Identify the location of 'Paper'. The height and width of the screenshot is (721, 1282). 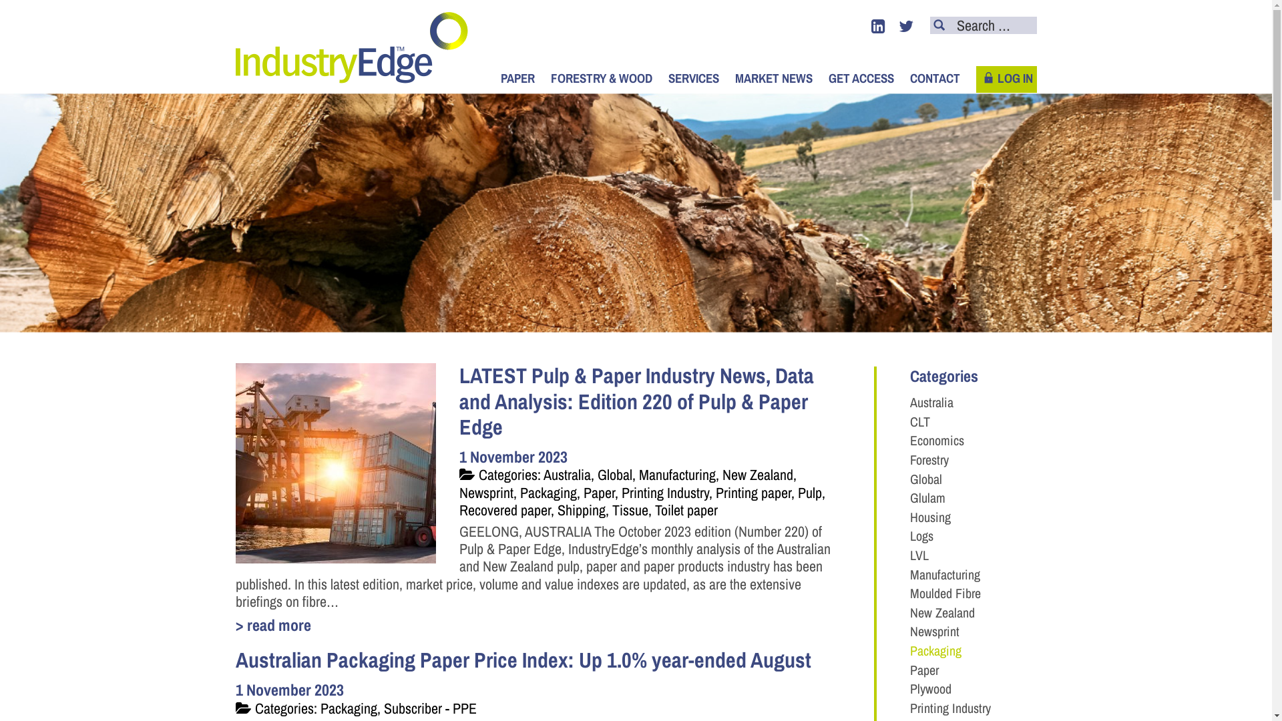
(909, 670).